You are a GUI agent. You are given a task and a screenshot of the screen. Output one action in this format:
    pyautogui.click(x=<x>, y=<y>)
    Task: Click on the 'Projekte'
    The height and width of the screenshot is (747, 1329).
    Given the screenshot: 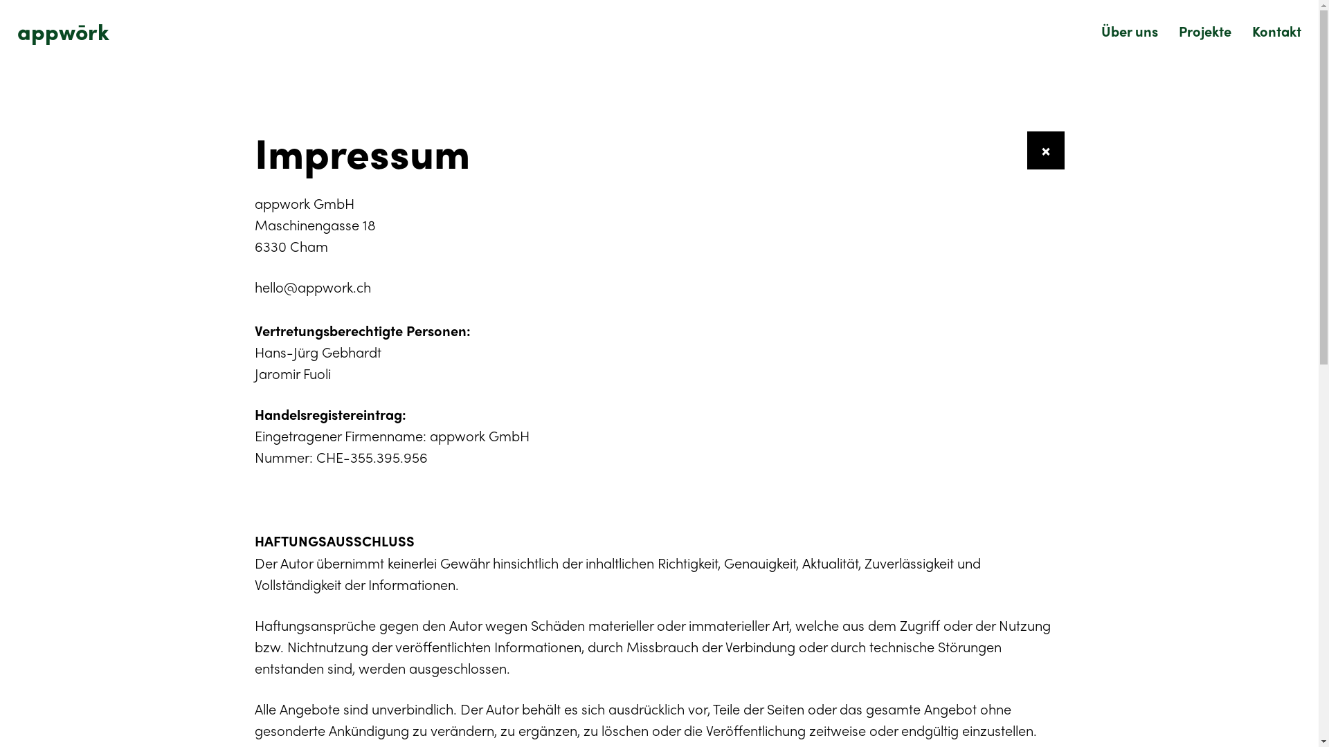 What is the action you would take?
    pyautogui.click(x=1204, y=30)
    